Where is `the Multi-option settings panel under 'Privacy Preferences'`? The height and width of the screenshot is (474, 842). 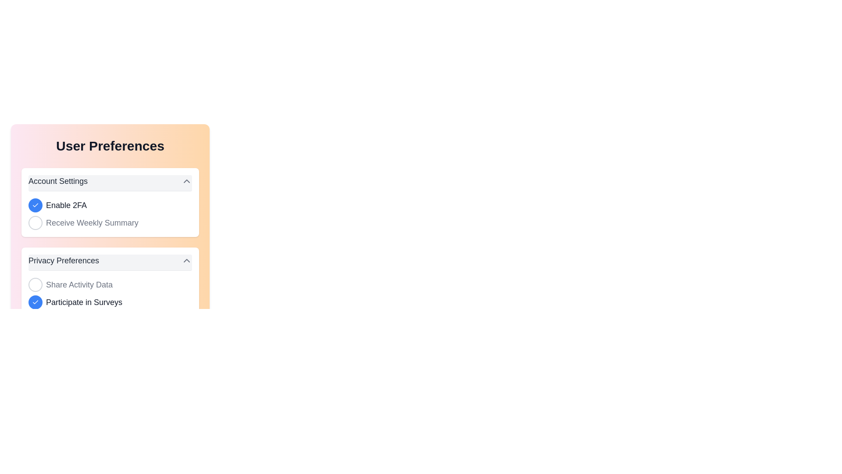
the Multi-option settings panel under 'Privacy Preferences' is located at coordinates (110, 282).